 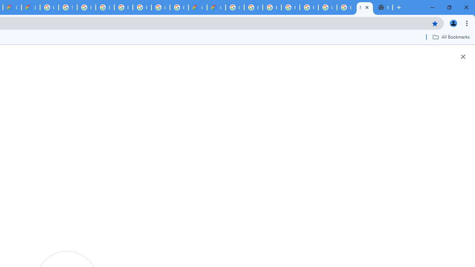 I want to click on 'Sign in - Google Accounts', so click(x=68, y=7).